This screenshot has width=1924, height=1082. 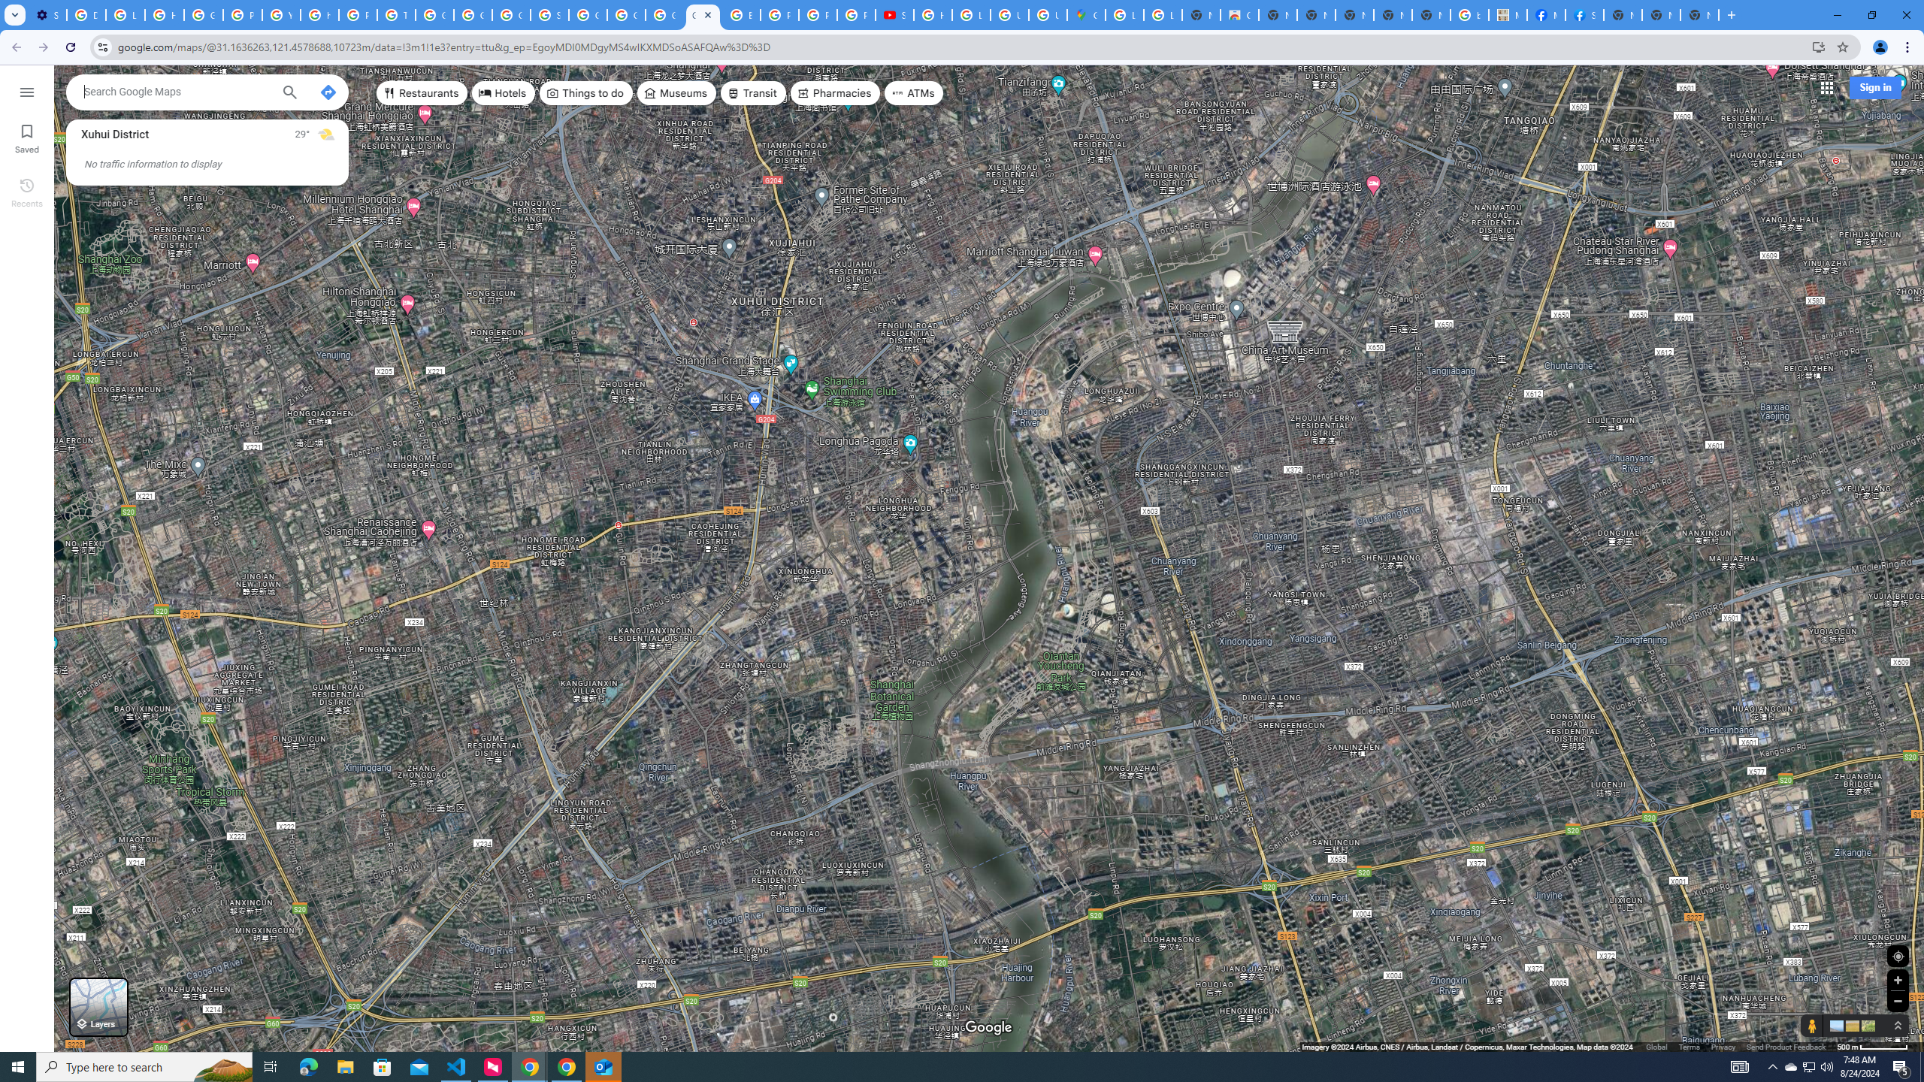 What do you see at coordinates (894, 14) in the screenshot?
I see `'Subscriptions - YouTube'` at bounding box center [894, 14].